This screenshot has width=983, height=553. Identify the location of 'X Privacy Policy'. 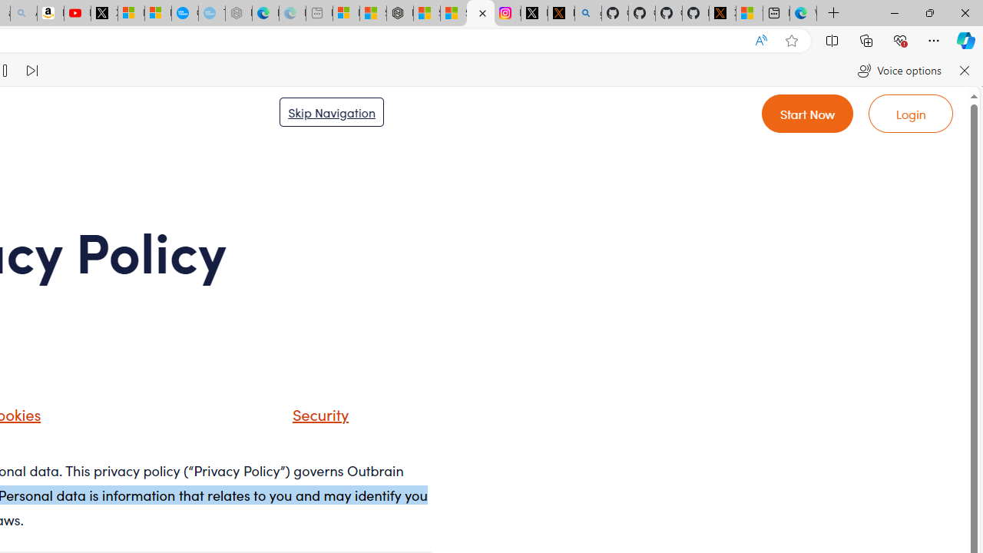
(721, 13).